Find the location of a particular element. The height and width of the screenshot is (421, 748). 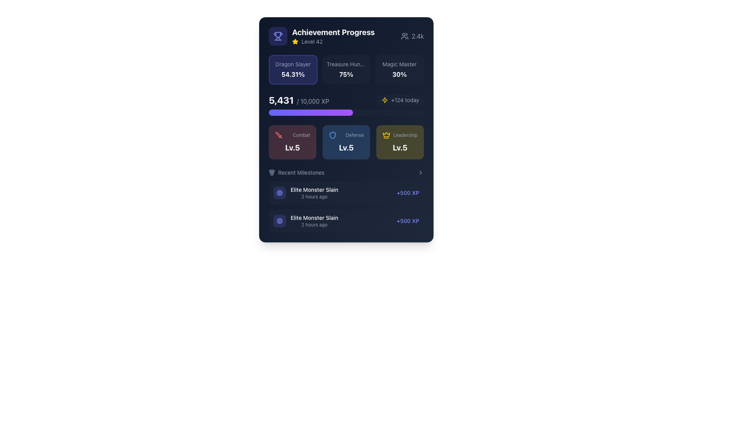

the Decorative icon located in the 'Recent Milestones' section, which symbolizes the achievement 'Elite Monster Slain' is located at coordinates (280, 193).